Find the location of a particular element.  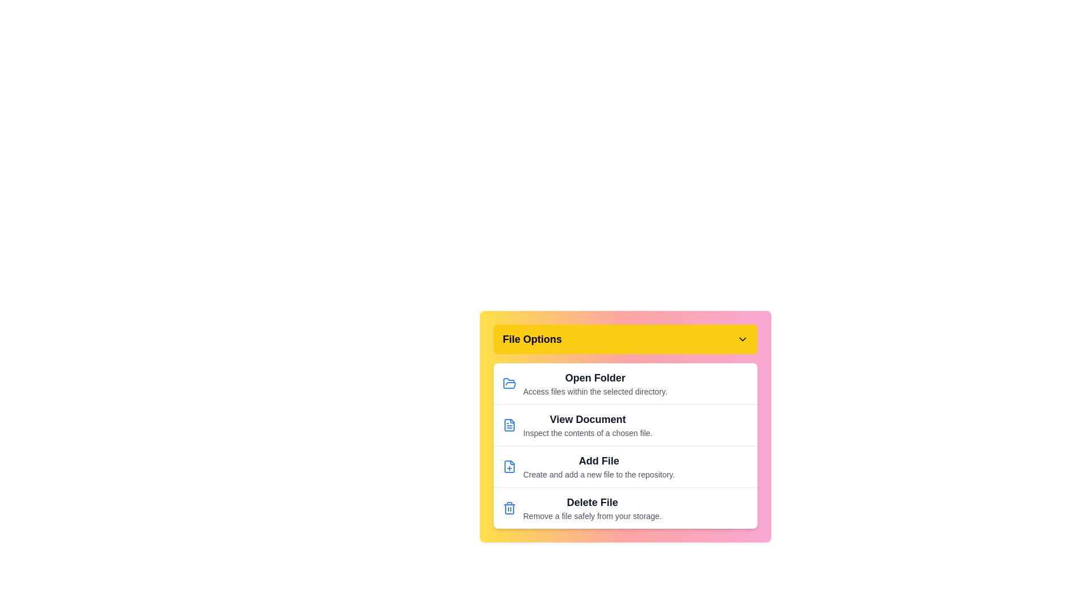

the text label that reads 'Create and add a new file to the repository.' which is located beneath the 'Add File' label in the 'File Options' section is located at coordinates (598, 474).